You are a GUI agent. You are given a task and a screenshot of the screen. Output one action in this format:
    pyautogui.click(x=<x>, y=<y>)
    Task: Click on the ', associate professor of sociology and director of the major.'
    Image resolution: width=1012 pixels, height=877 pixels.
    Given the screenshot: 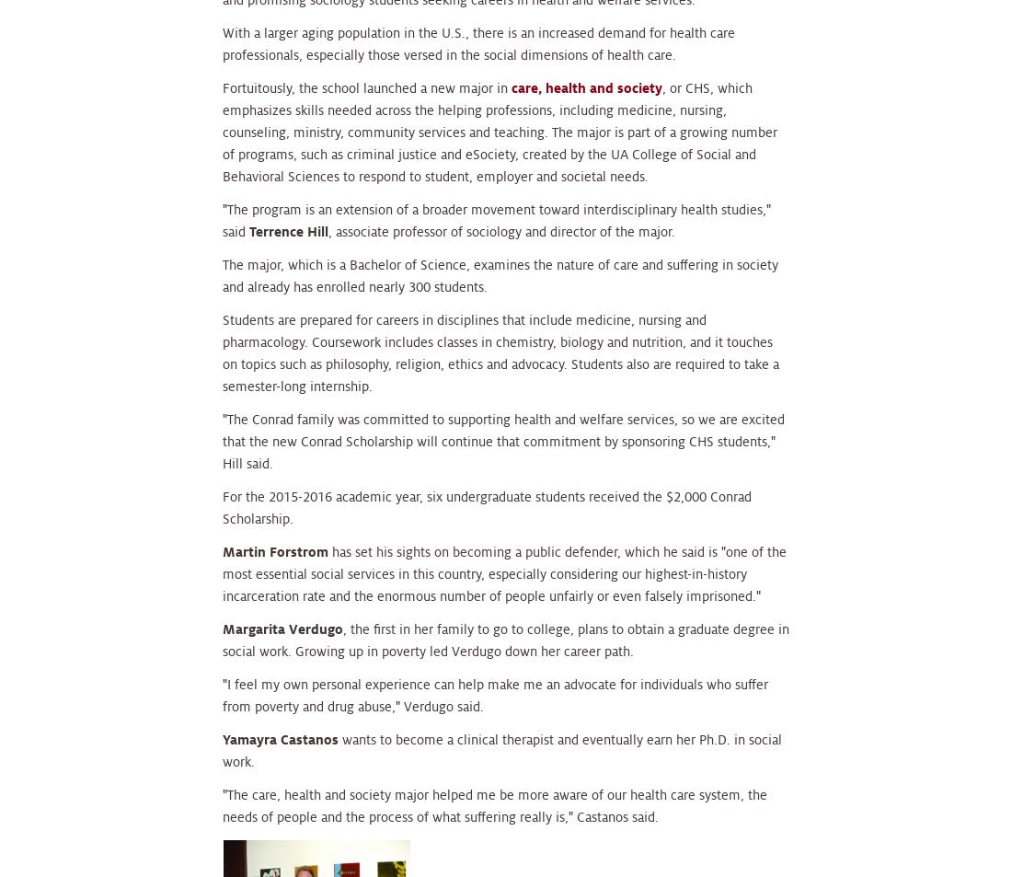 What is the action you would take?
    pyautogui.click(x=501, y=230)
    